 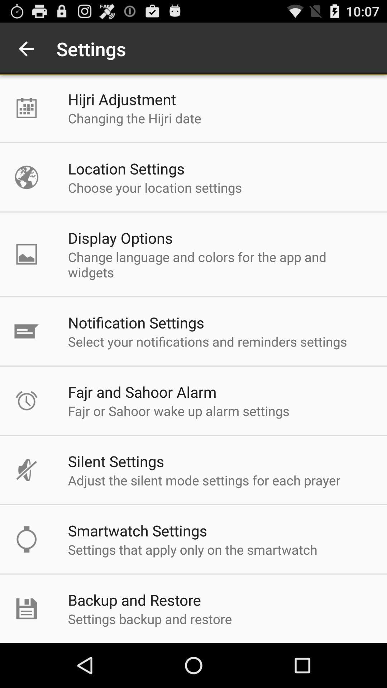 I want to click on item next to the settings app, so click(x=26, y=48).